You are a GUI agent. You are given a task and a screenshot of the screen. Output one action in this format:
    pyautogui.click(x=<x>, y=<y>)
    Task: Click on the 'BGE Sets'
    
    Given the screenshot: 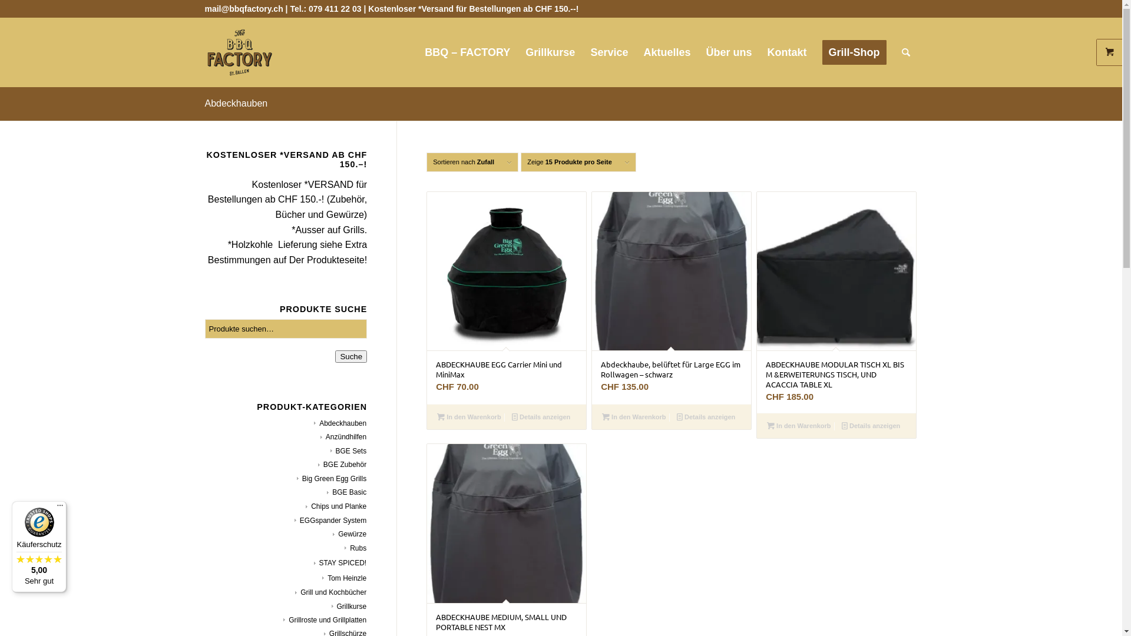 What is the action you would take?
    pyautogui.click(x=330, y=450)
    